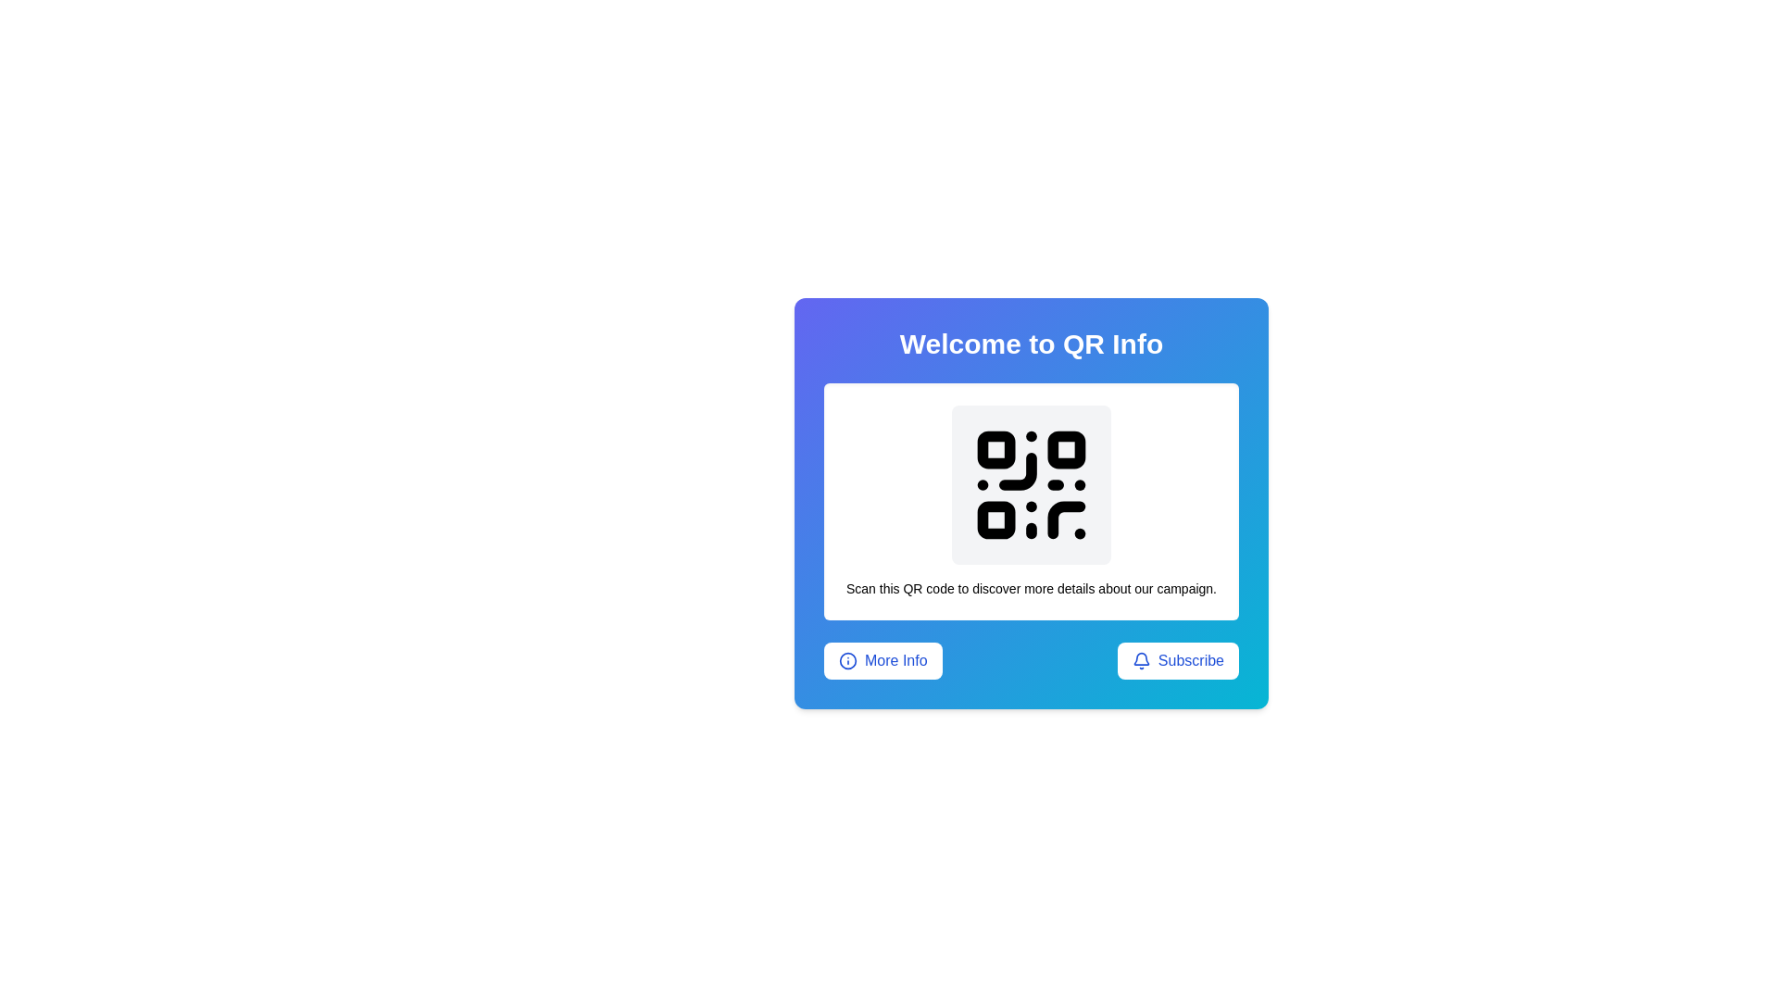 This screenshot has height=1000, width=1778. Describe the element at coordinates (1030, 589) in the screenshot. I see `the text block displaying the message 'Scan this QR code to discover more details about our campaign.' which is located directly below the QR code image` at that location.